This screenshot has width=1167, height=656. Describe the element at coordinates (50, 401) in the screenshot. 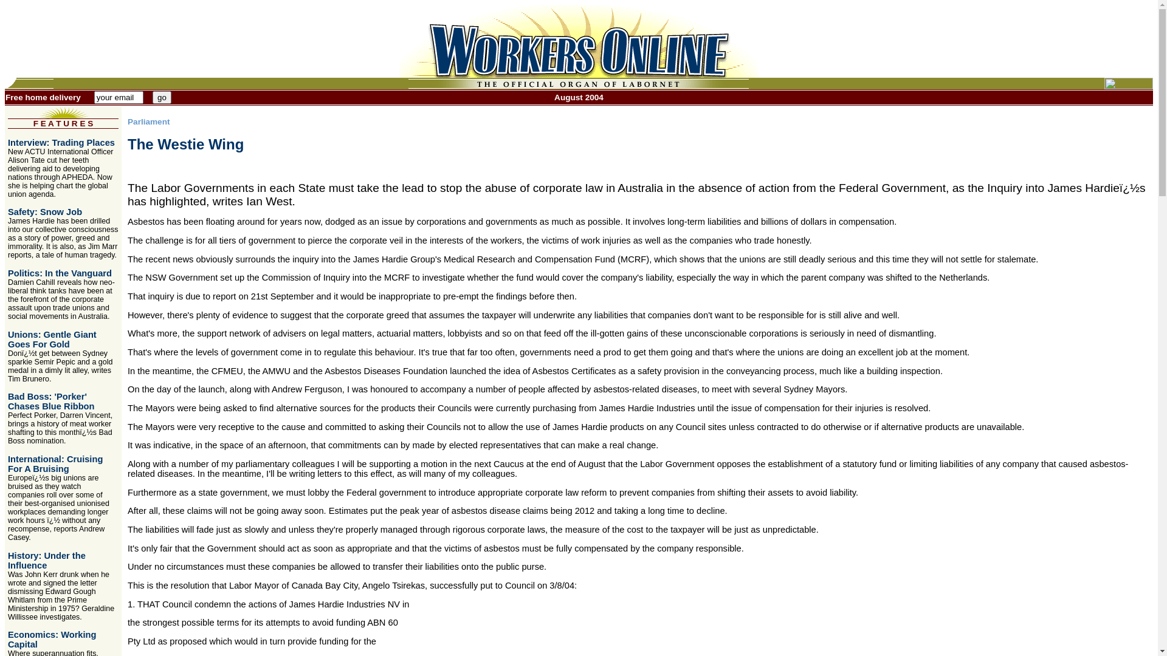

I see `'Bad Boss: 'Porker' Chases Blue Ribbon'` at that location.